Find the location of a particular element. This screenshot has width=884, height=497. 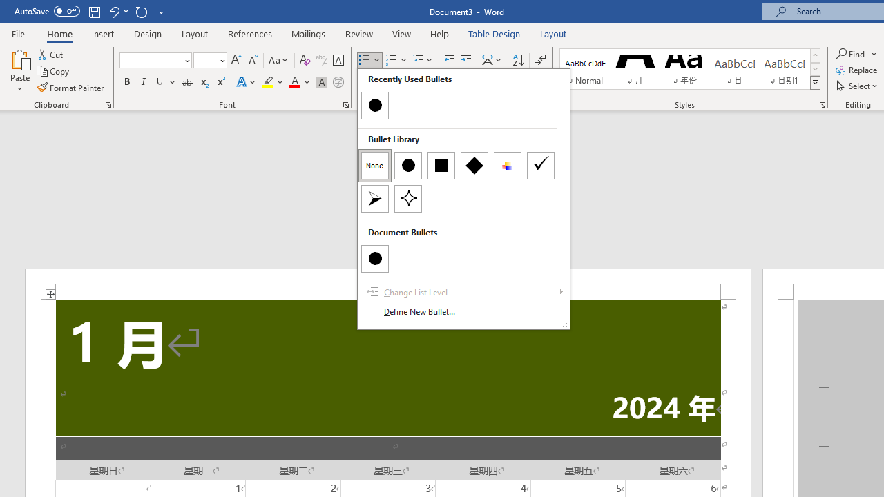

'Superscript' is located at coordinates (220, 82).